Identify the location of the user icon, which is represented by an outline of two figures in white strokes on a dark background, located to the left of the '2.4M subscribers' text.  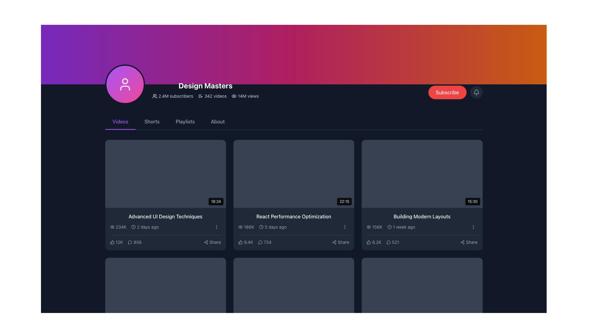
(155, 96).